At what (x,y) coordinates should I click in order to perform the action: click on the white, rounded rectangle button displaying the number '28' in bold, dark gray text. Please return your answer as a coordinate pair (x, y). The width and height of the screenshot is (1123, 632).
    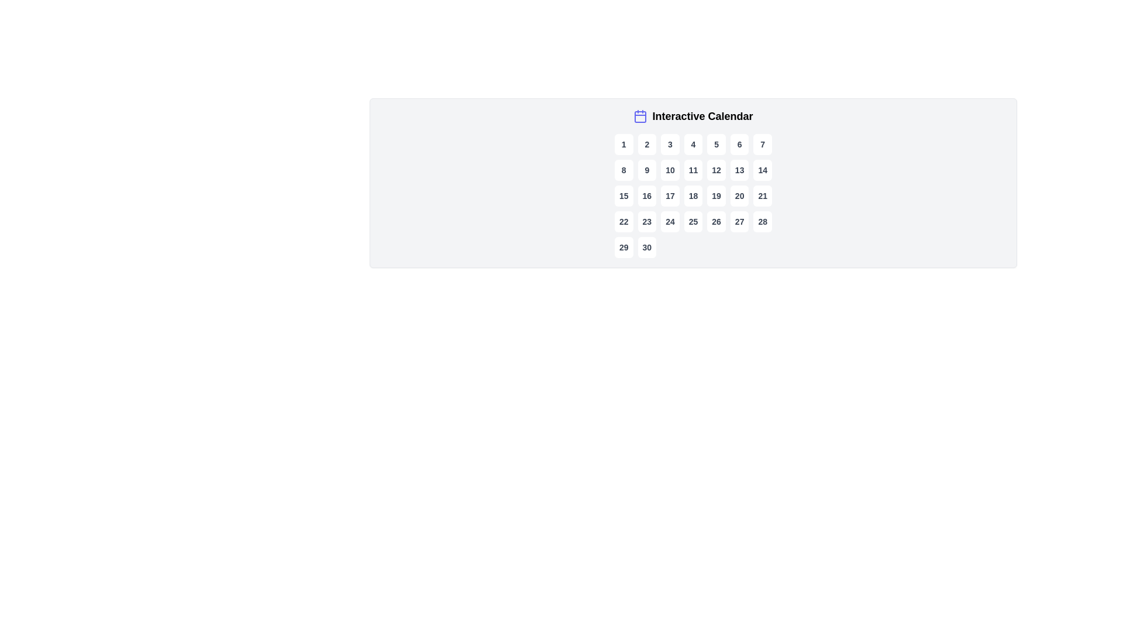
    Looking at the image, I should click on (763, 221).